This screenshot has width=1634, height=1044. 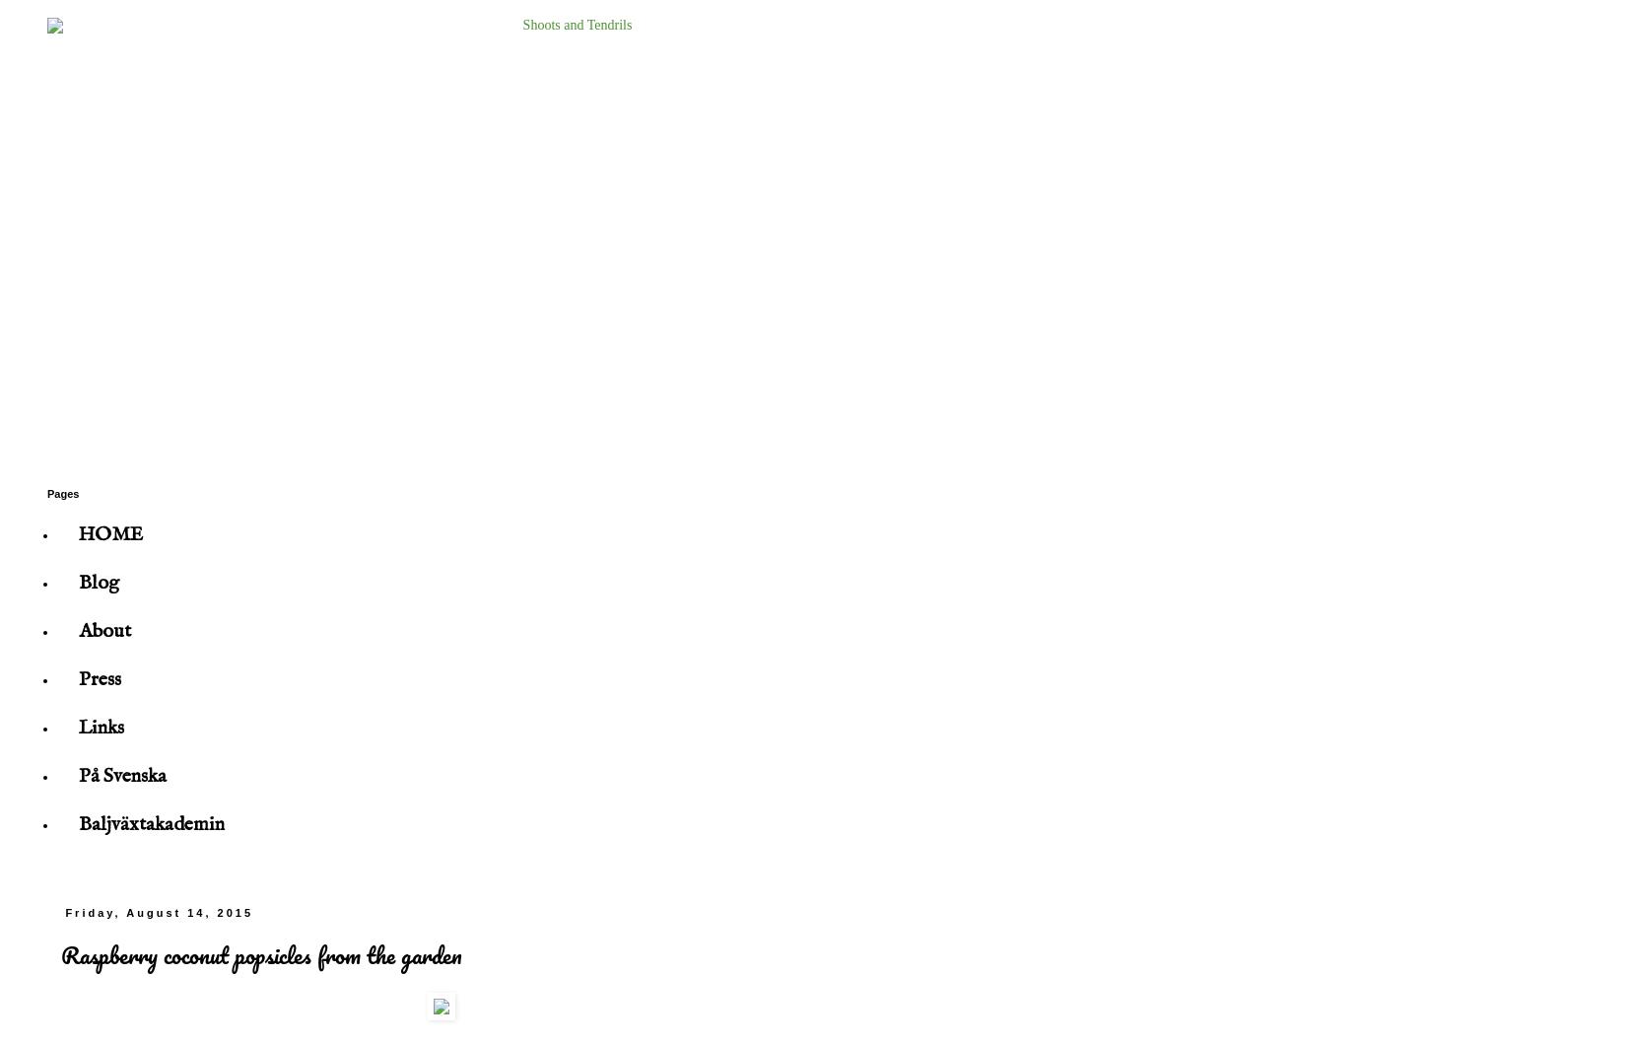 I want to click on 'Raspberry coconut popsicles from the garden', so click(x=261, y=952).